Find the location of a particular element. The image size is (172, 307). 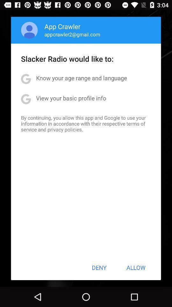

the item above slacker radio would is located at coordinates (72, 34).